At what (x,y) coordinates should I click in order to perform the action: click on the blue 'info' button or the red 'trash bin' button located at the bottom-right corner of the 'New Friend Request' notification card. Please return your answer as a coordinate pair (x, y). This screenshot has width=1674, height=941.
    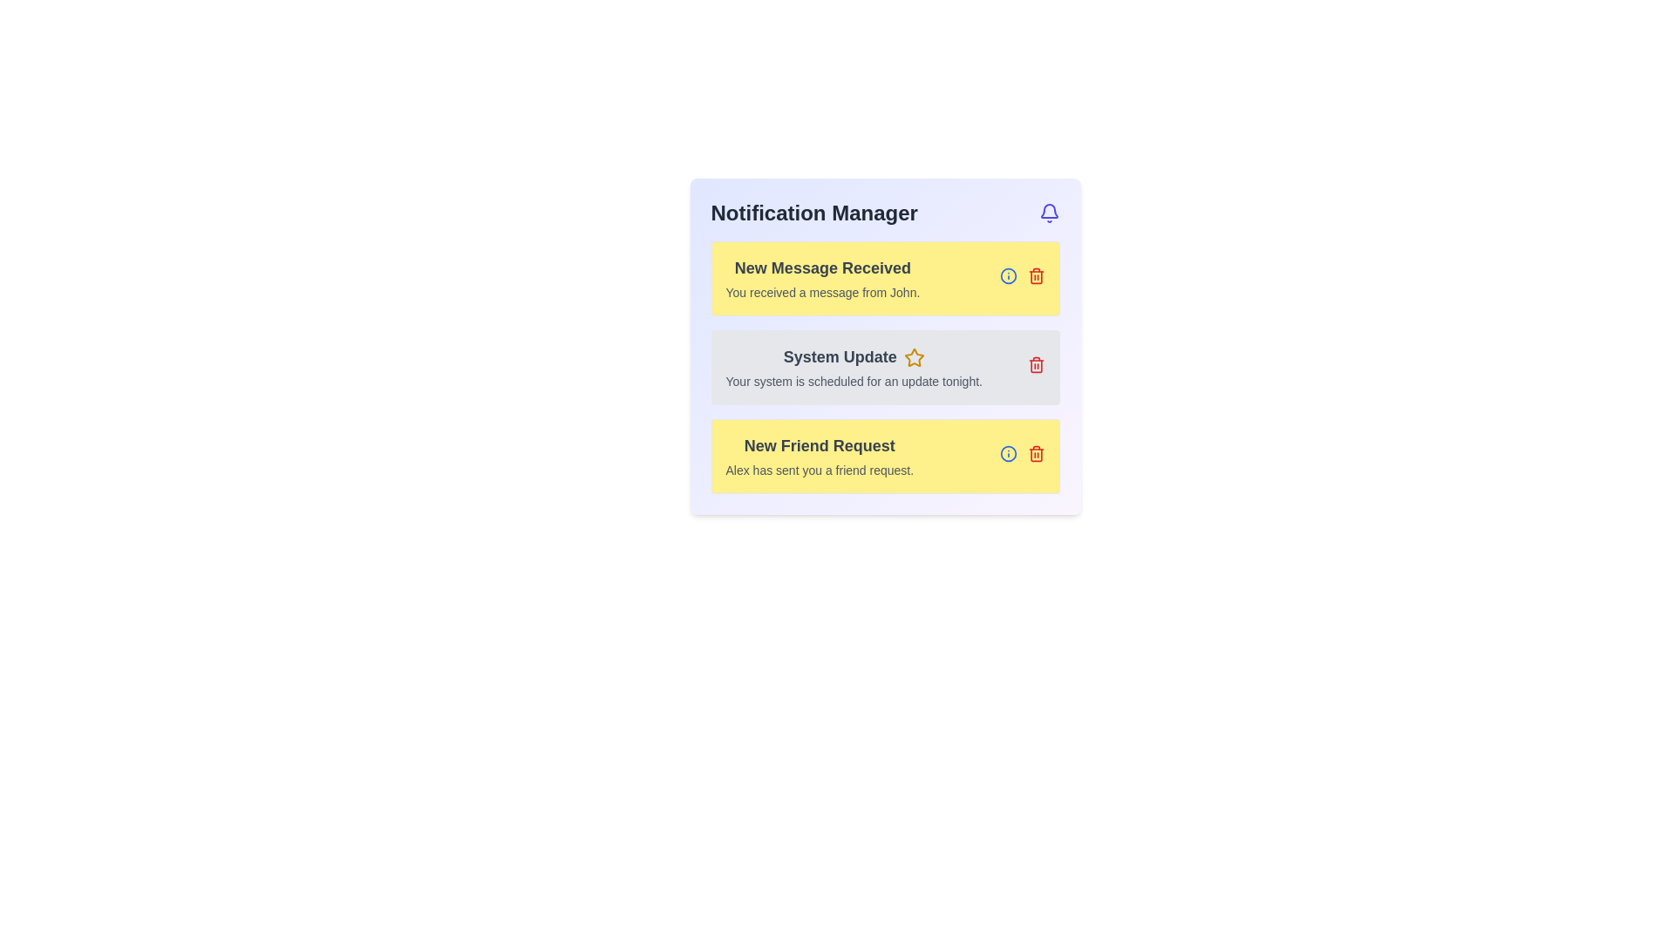
    Looking at the image, I should click on (1022, 456).